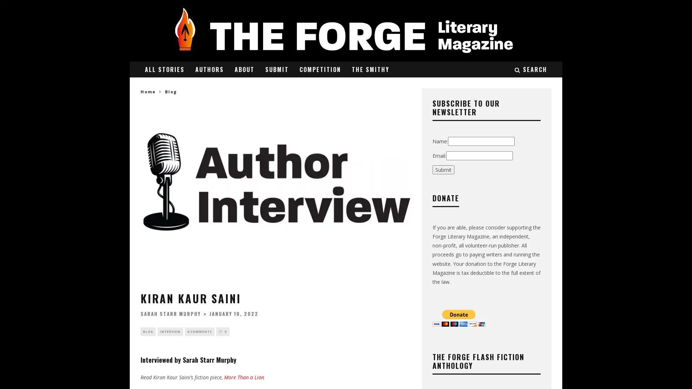 This screenshot has width=692, height=389. What do you see at coordinates (458, 317) in the screenshot?
I see `PayPal - The safer, easier way to pay online!` at bounding box center [458, 317].